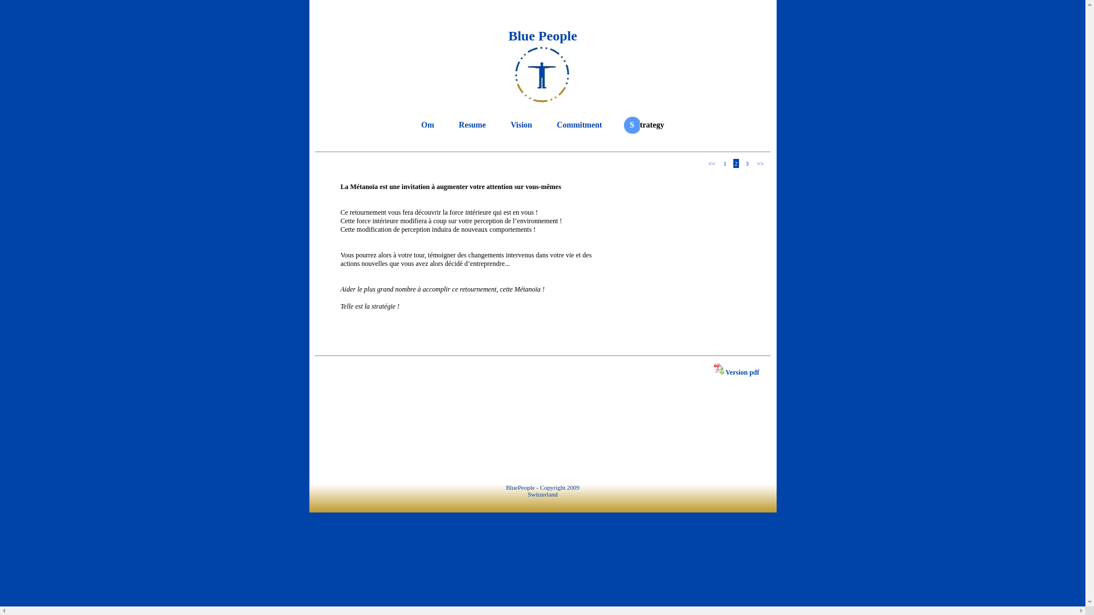  I want to click on 'Om', so click(427, 125).